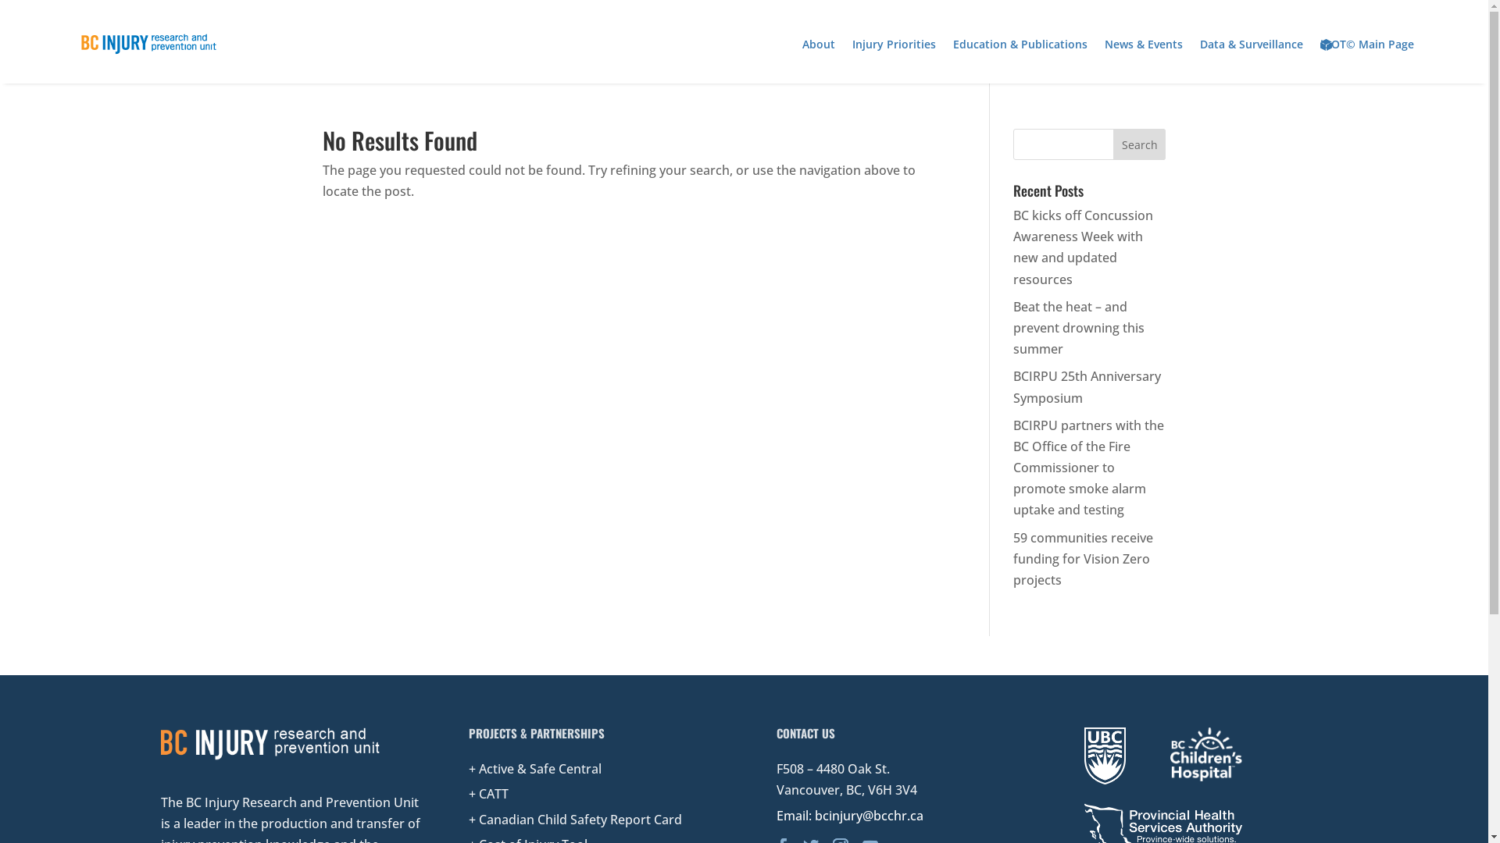  Describe the element at coordinates (849, 815) in the screenshot. I see `'Email: bcinjury@bcchr.ca'` at that location.